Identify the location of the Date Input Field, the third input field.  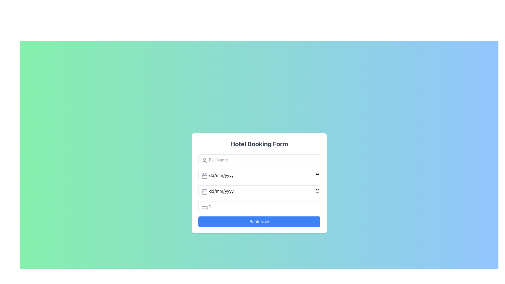
(259, 191).